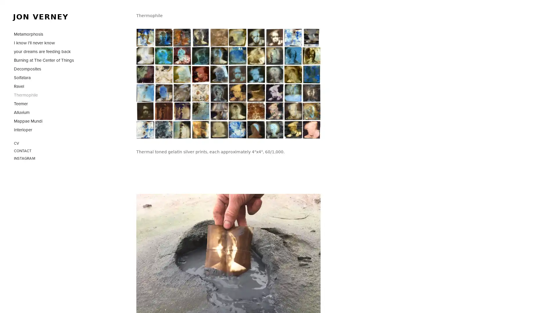  Describe the element at coordinates (256, 111) in the screenshot. I see `View fullsize jon_verney_thermophile_14.jpg` at that location.